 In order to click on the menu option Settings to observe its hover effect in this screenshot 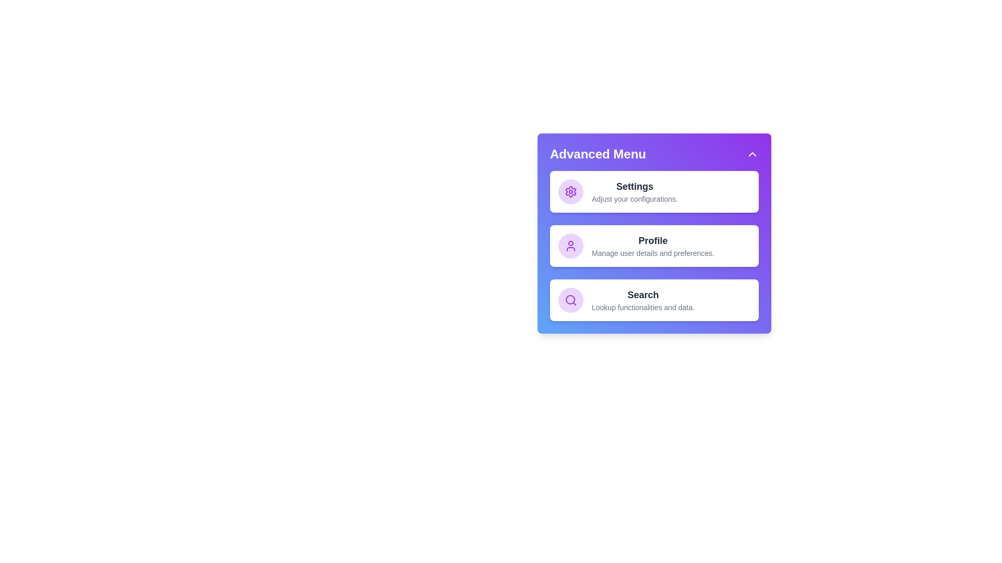, I will do `click(653, 191)`.